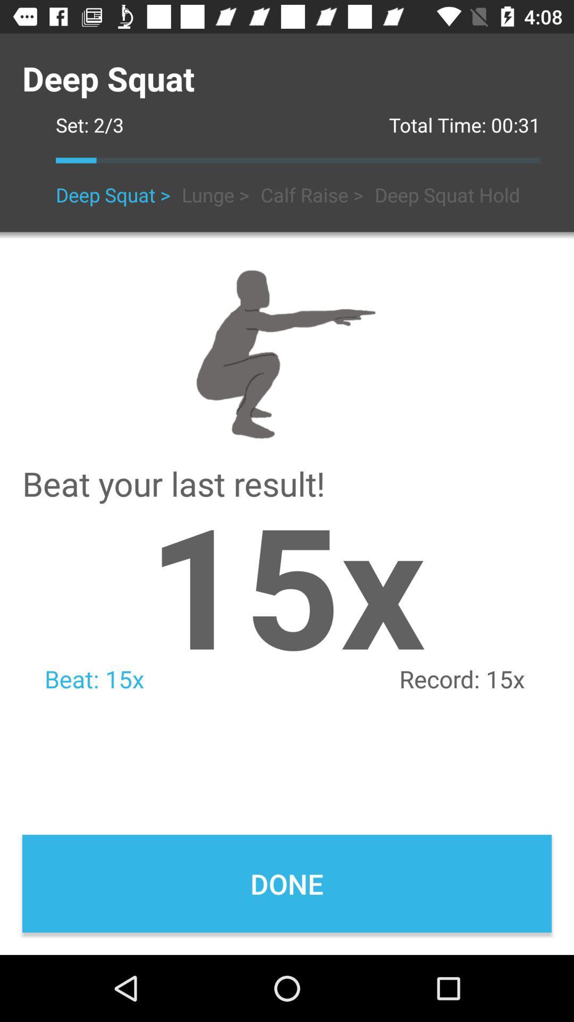 The image size is (574, 1022). Describe the element at coordinates (287, 884) in the screenshot. I see `the done` at that location.